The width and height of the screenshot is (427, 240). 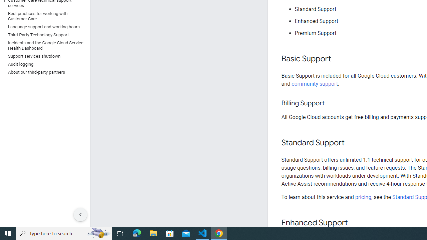 I want to click on 'About our third-party partners', so click(x=43, y=72).